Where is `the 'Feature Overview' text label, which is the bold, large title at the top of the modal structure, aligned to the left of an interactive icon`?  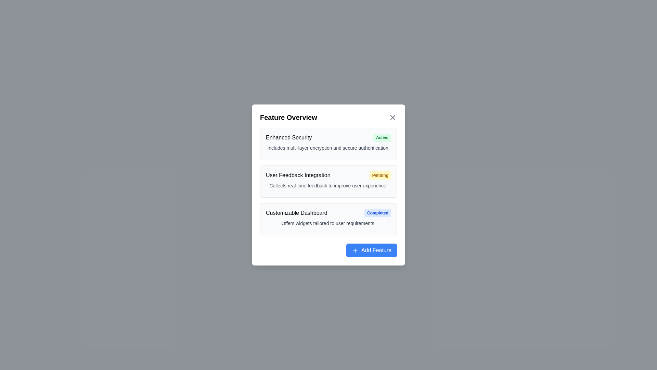 the 'Feature Overview' text label, which is the bold, large title at the top of the modal structure, aligned to the left of an interactive icon is located at coordinates (288, 117).